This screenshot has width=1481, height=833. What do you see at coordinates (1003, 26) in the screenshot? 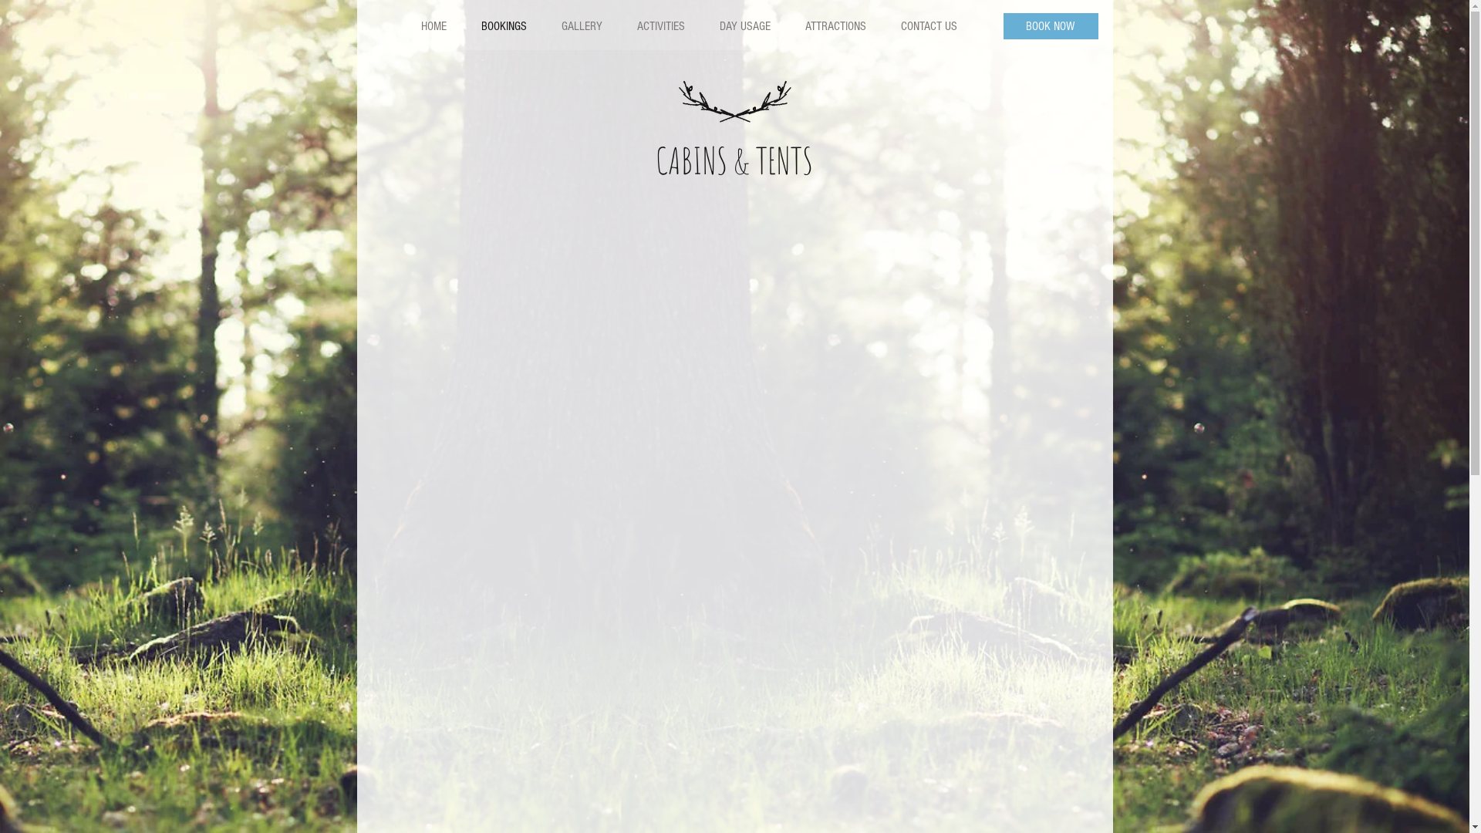
I see `'BOOK NOW'` at bounding box center [1003, 26].